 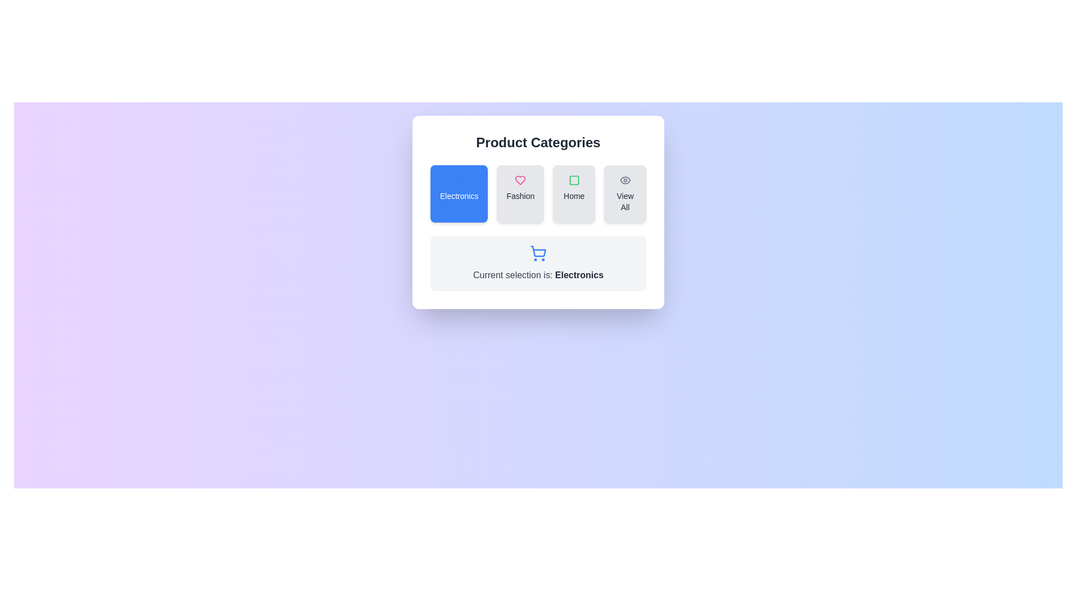 What do you see at coordinates (520, 195) in the screenshot?
I see `the text label that reads 'Fashion', which is located at the bottom center of a button-like element` at bounding box center [520, 195].